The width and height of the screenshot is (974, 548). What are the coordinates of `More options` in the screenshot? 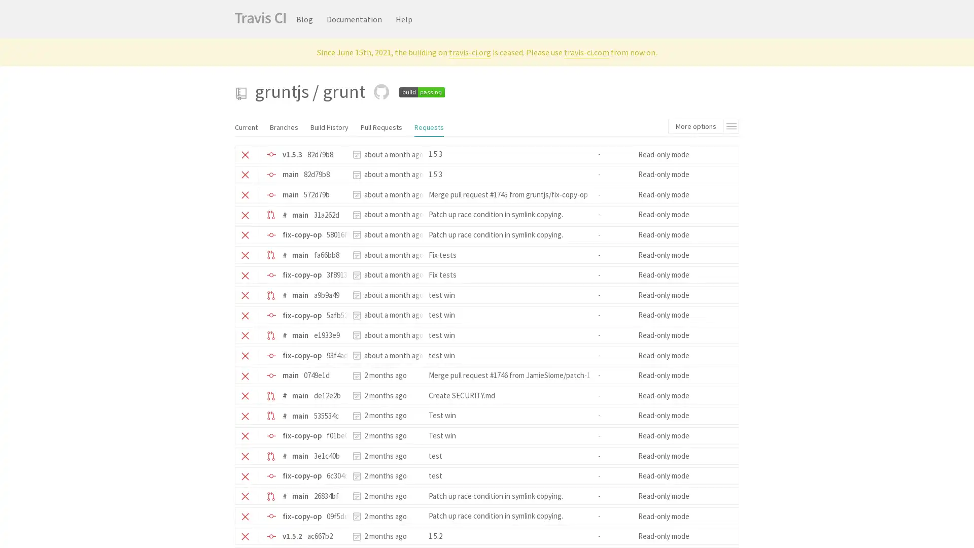 It's located at (703, 125).